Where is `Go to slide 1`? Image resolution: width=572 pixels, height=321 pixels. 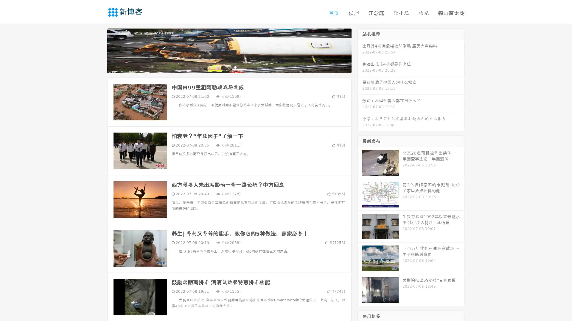
Go to slide 1 is located at coordinates (223, 67).